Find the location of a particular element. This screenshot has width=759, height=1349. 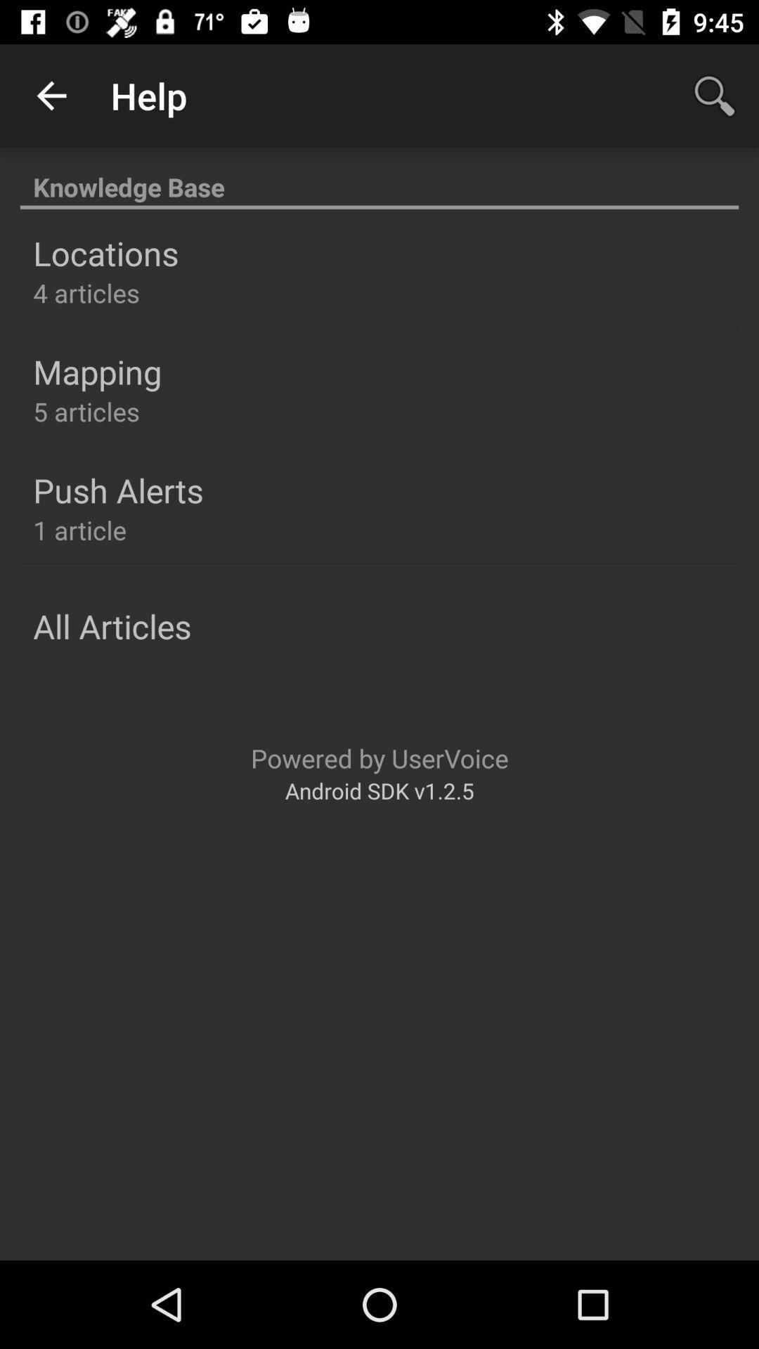

the app to the left of the help icon is located at coordinates (51, 95).